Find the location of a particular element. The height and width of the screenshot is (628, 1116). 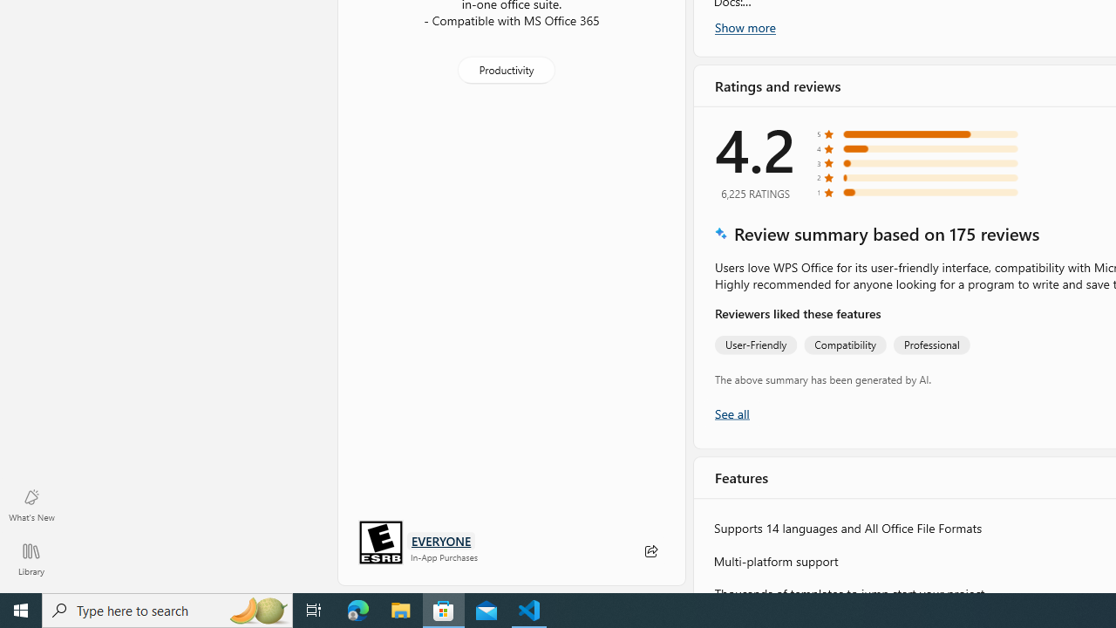

'What' is located at coordinates (31, 504).